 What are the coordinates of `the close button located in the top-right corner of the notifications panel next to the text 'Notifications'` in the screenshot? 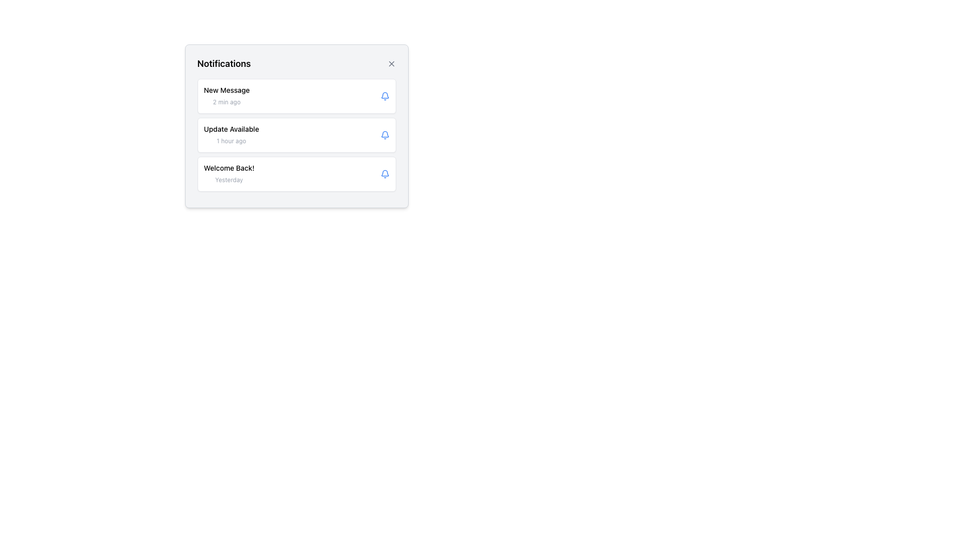 It's located at (391, 63).